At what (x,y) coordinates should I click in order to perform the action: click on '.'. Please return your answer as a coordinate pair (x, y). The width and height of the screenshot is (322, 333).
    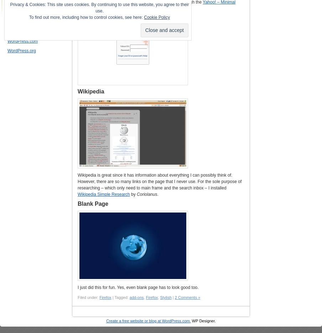
    Looking at the image, I should click on (157, 194).